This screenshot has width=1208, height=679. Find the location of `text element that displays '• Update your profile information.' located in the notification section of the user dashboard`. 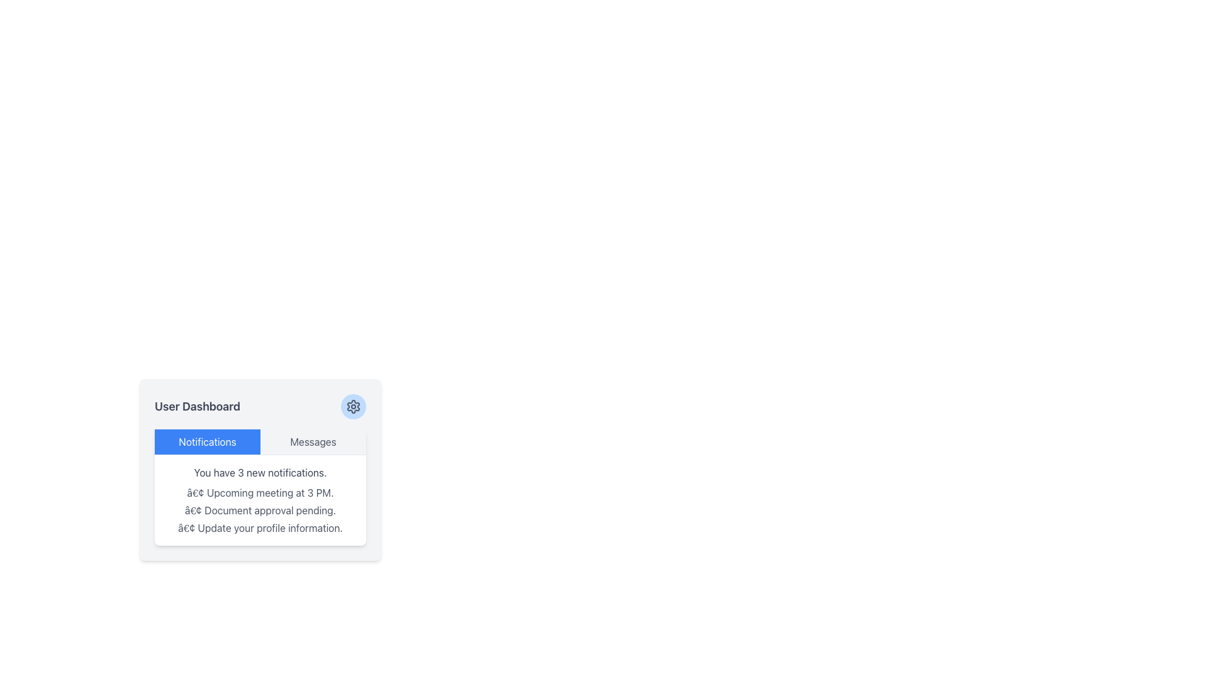

text element that displays '• Update your profile information.' located in the notification section of the user dashboard is located at coordinates (259, 528).